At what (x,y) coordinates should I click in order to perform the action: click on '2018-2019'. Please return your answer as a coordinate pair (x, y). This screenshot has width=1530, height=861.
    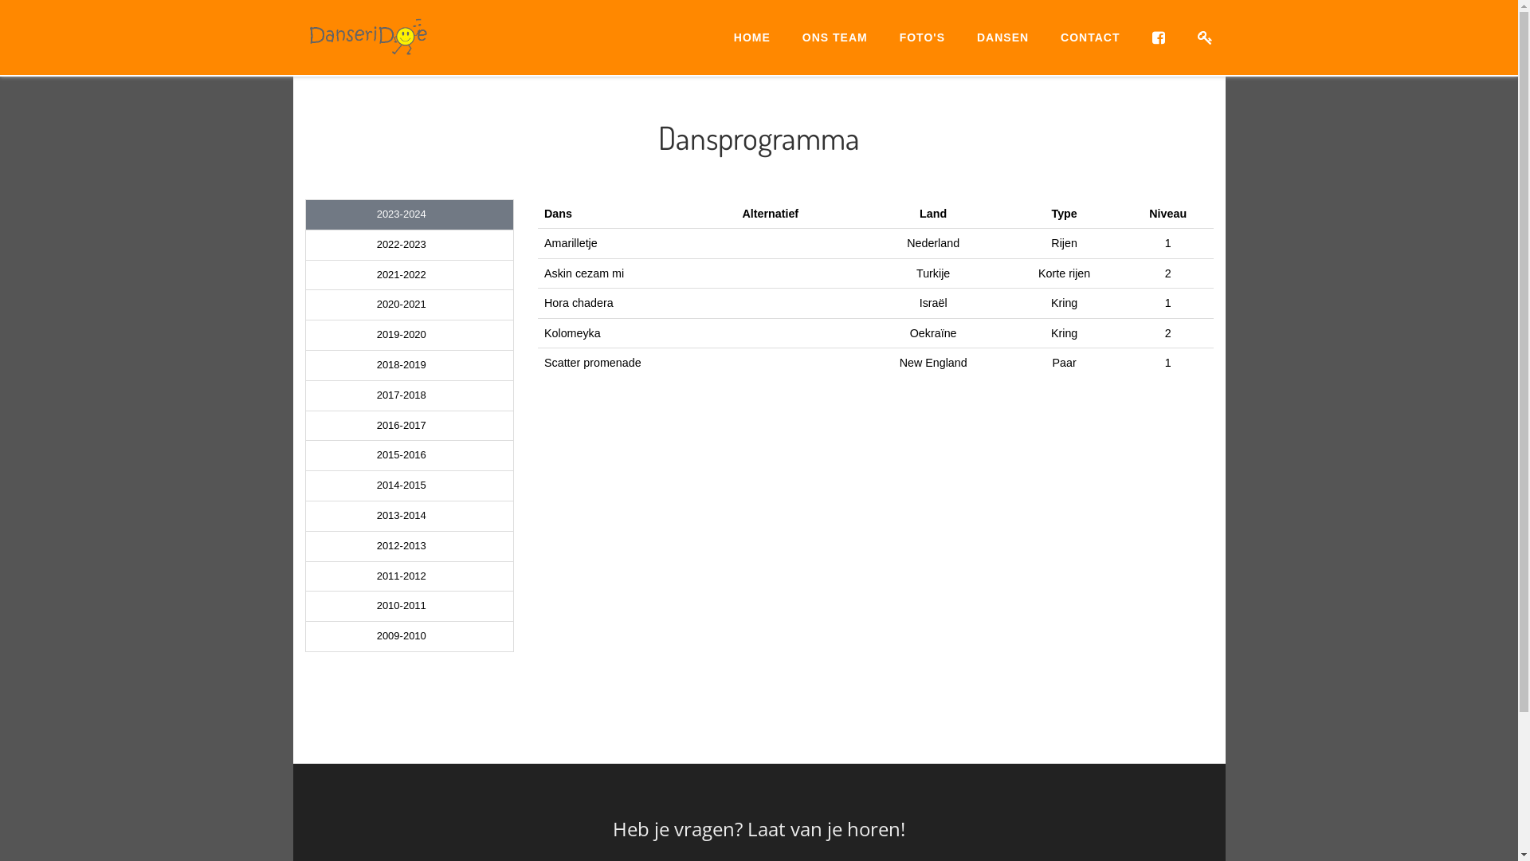
    Looking at the image, I should click on (410, 365).